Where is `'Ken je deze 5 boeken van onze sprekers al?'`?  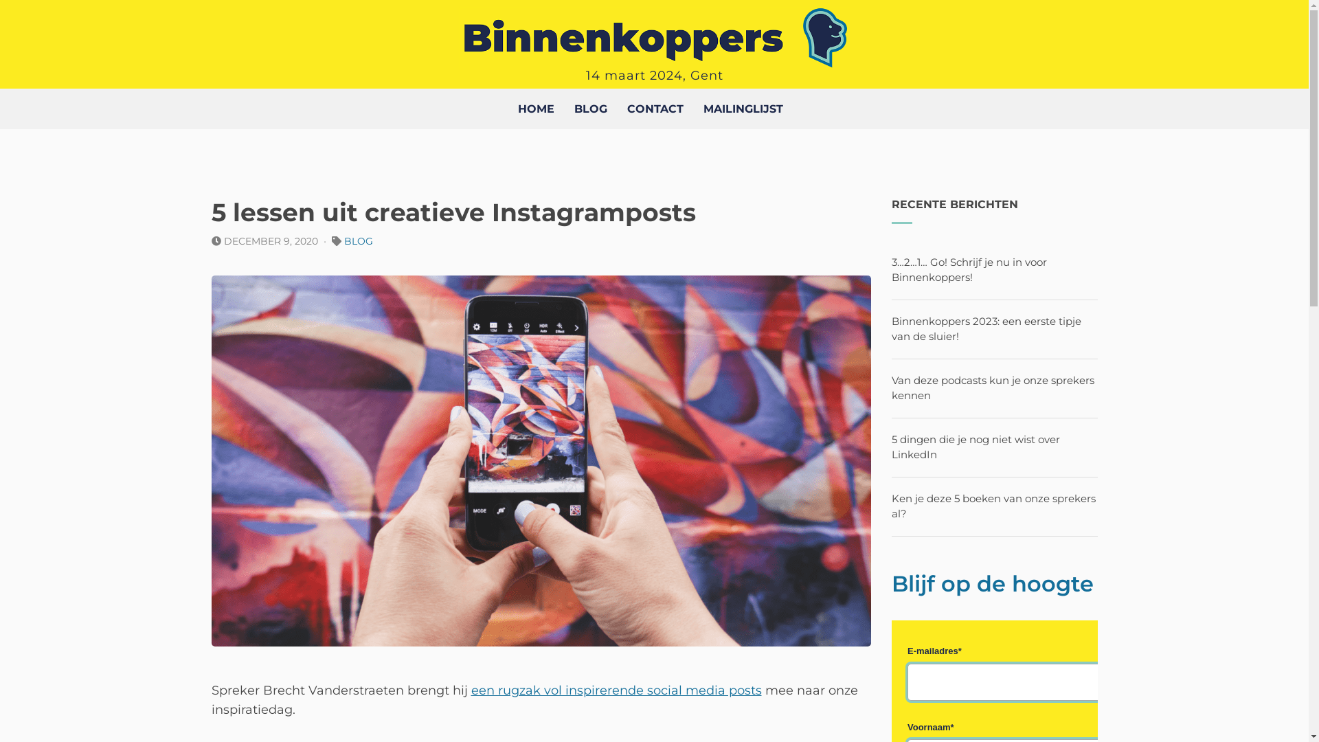 'Ken je deze 5 boeken van onze sprekers al?' is located at coordinates (993, 506).